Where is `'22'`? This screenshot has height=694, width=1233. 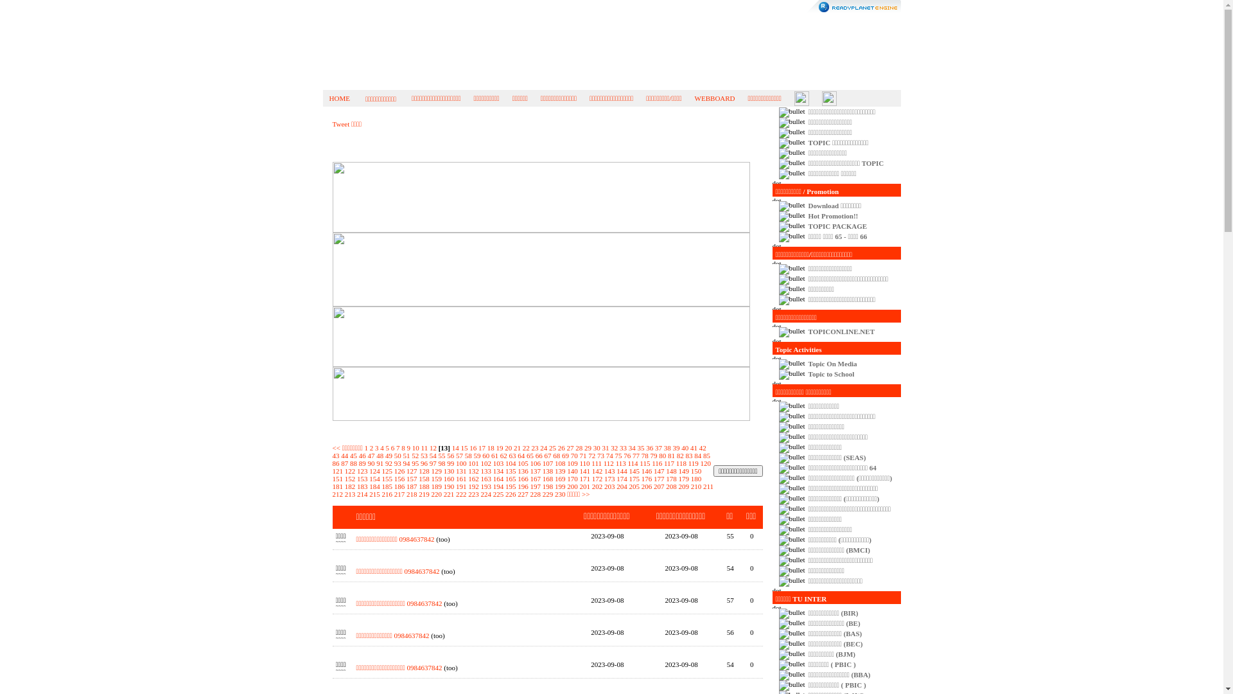
'22' is located at coordinates (526, 447).